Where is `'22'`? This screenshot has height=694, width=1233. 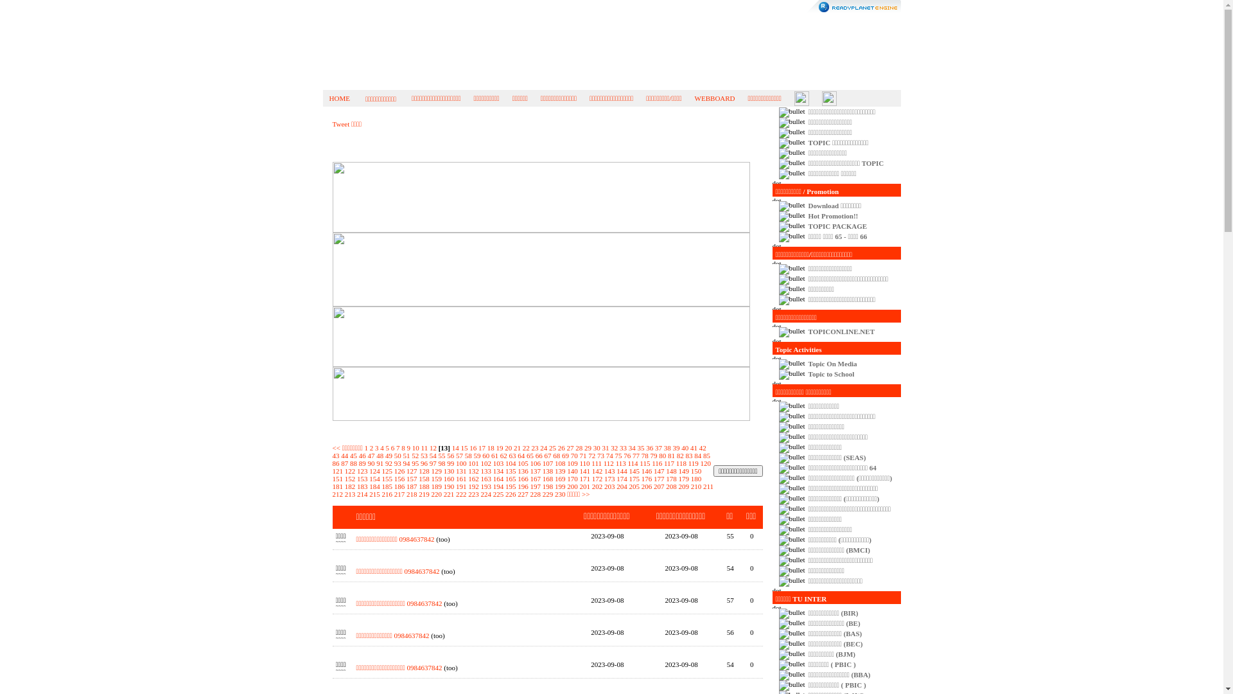
'22' is located at coordinates (526, 447).